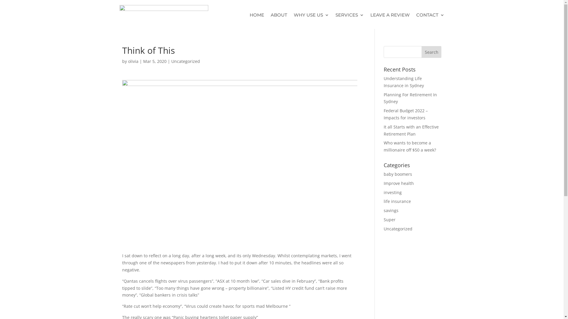 This screenshot has width=568, height=319. Describe the element at coordinates (257, 14) in the screenshot. I see `'HOME'` at that location.